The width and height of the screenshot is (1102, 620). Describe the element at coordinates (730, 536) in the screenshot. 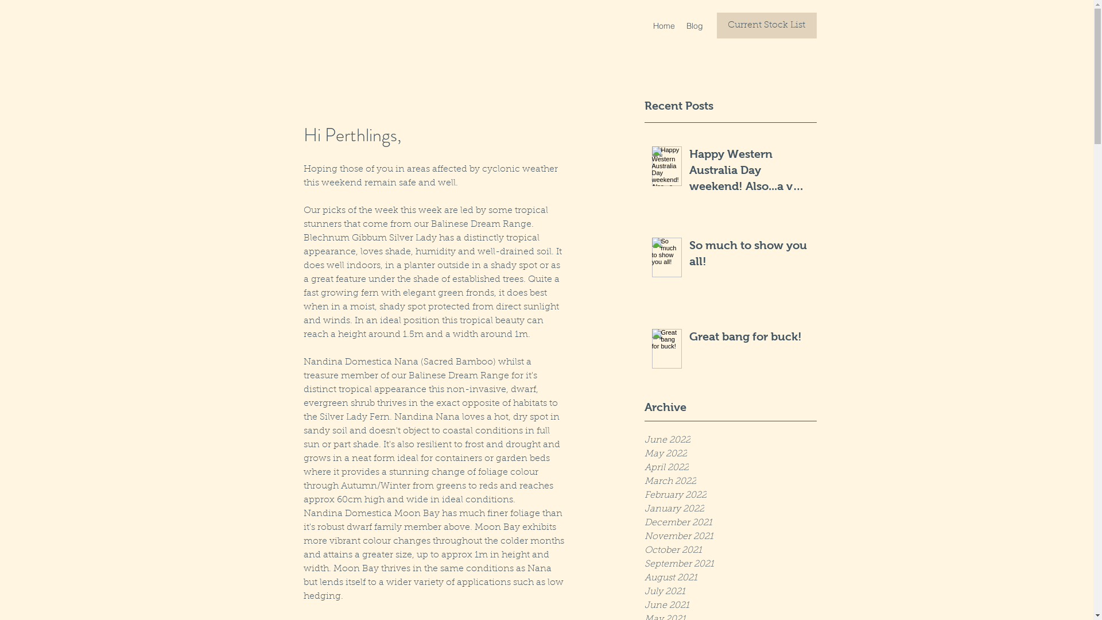

I see `'November 2021'` at that location.